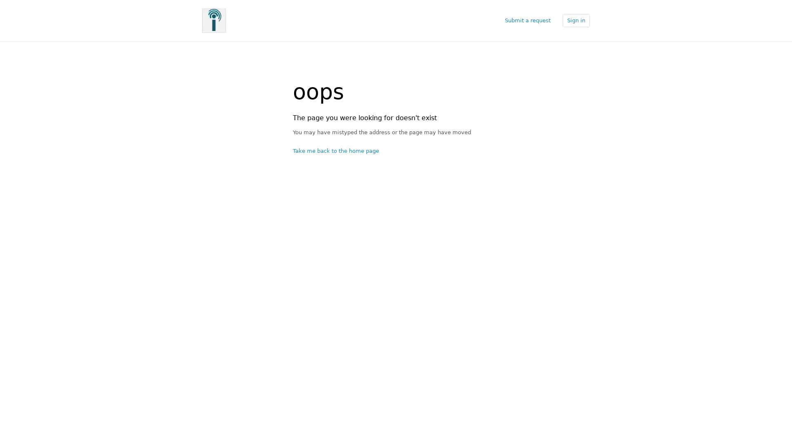 The image size is (792, 446). What do you see at coordinates (575, 20) in the screenshot?
I see `Sign in` at bounding box center [575, 20].